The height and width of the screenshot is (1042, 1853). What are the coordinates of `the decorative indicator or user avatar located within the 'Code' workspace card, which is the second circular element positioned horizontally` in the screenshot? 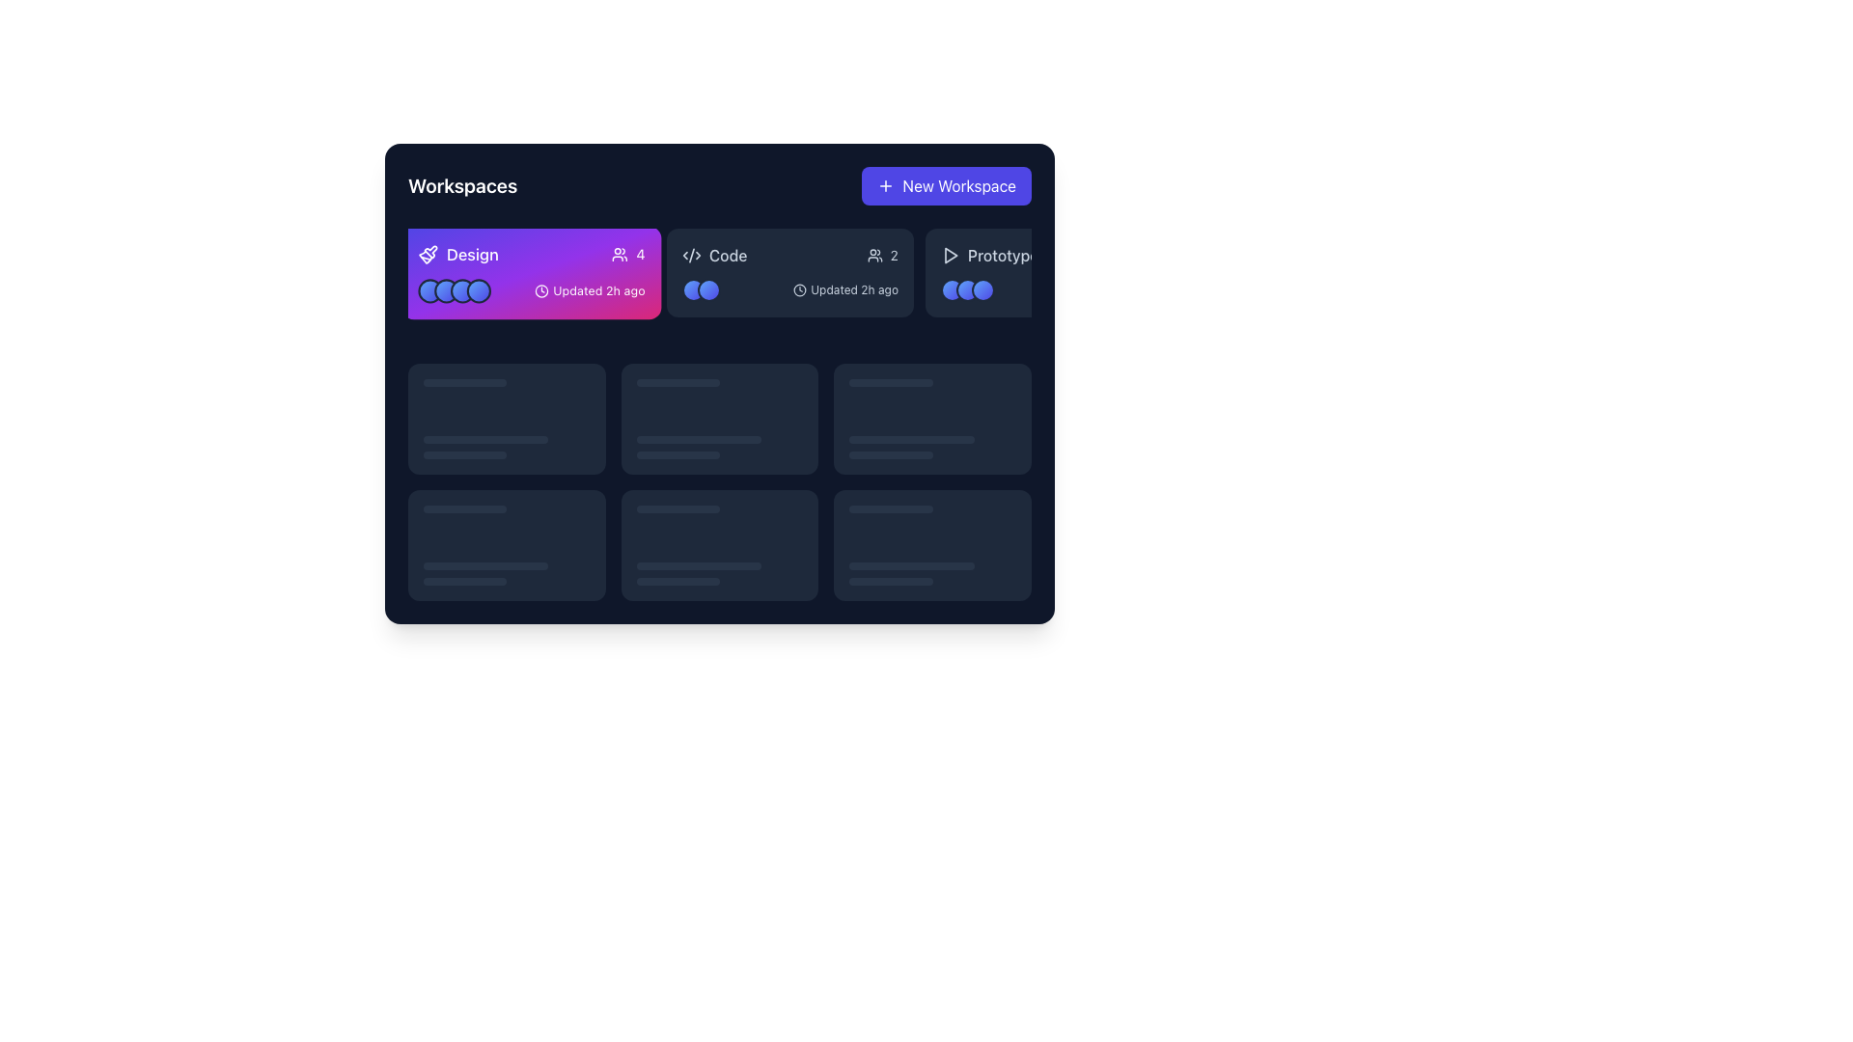 It's located at (707, 289).